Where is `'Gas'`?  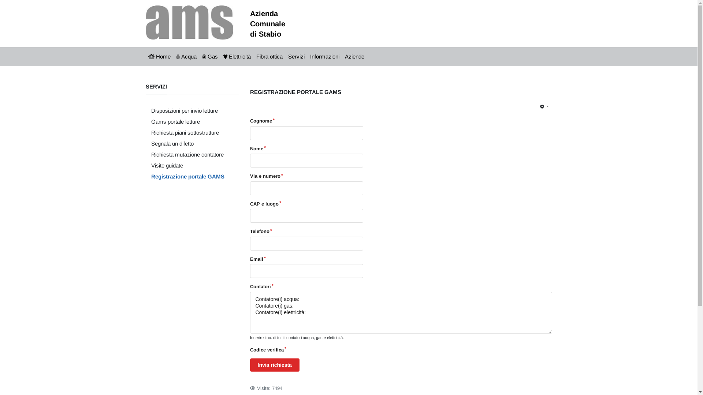 'Gas' is located at coordinates (209, 56).